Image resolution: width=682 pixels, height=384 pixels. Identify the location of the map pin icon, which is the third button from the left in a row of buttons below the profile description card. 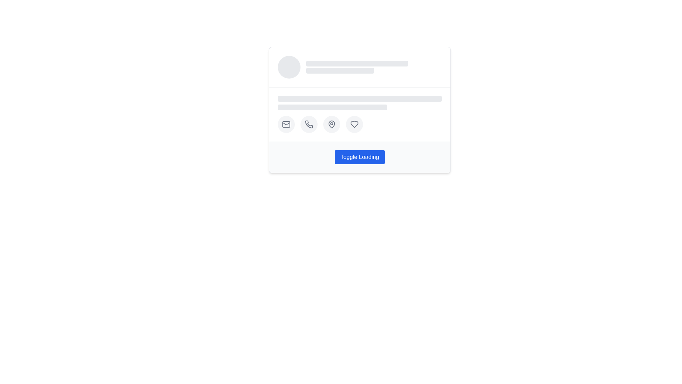
(331, 124).